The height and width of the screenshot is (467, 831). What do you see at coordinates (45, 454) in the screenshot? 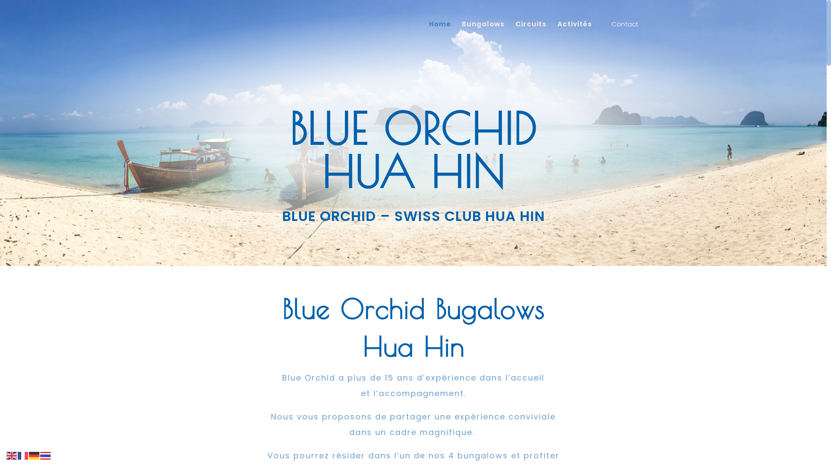
I see `'Thai'` at bounding box center [45, 454].